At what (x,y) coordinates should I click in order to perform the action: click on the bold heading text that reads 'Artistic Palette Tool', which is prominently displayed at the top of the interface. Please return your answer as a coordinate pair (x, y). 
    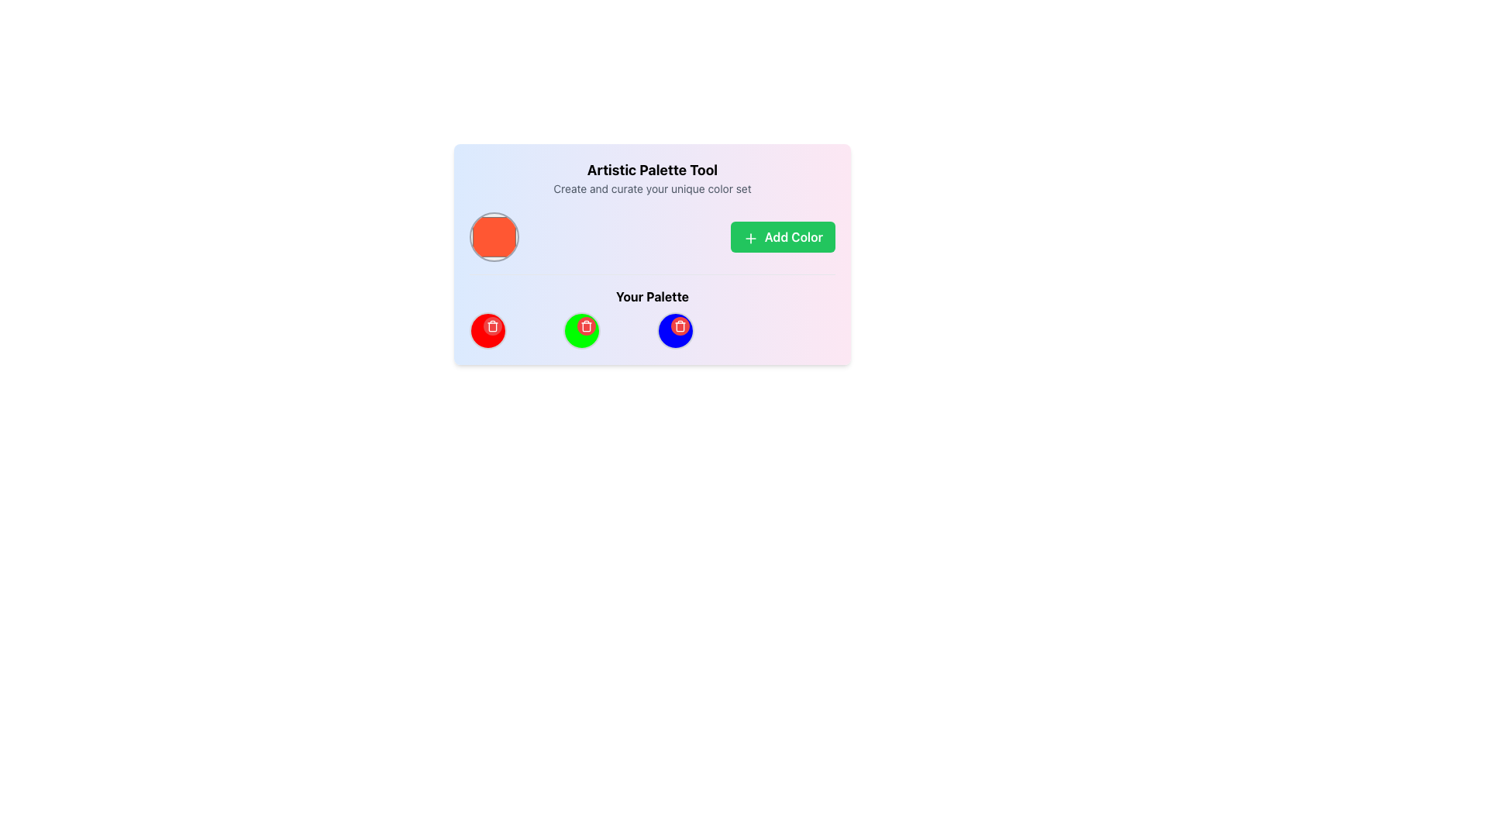
    Looking at the image, I should click on (652, 170).